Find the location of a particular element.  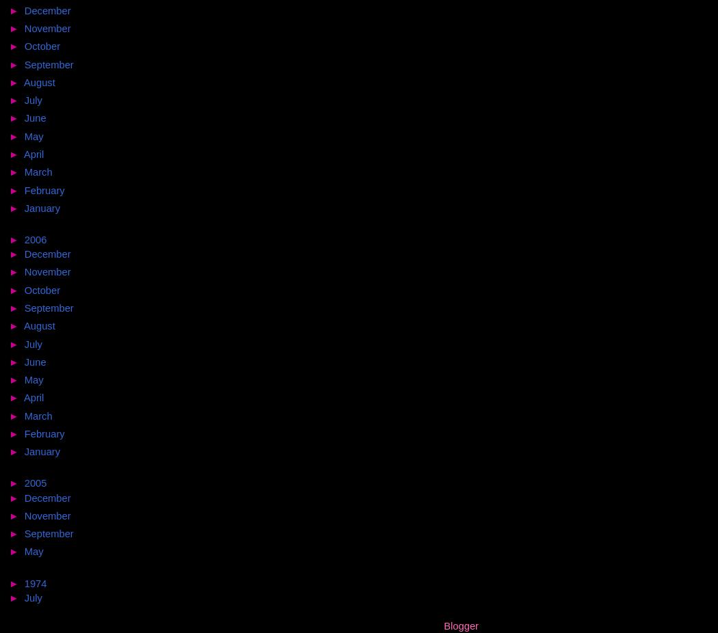

'Copyright Matt Mikalatos. Watermark theme. Powered by' is located at coordinates (185, 625).